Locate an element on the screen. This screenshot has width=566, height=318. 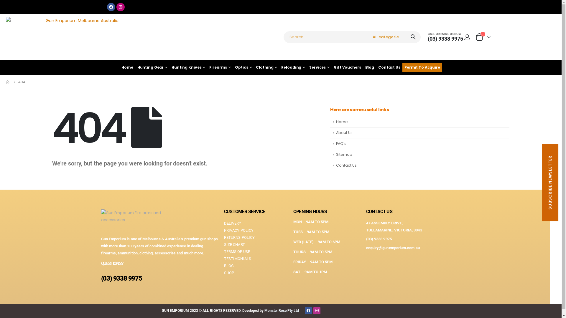
'Hunting Knives' is located at coordinates (188, 67).